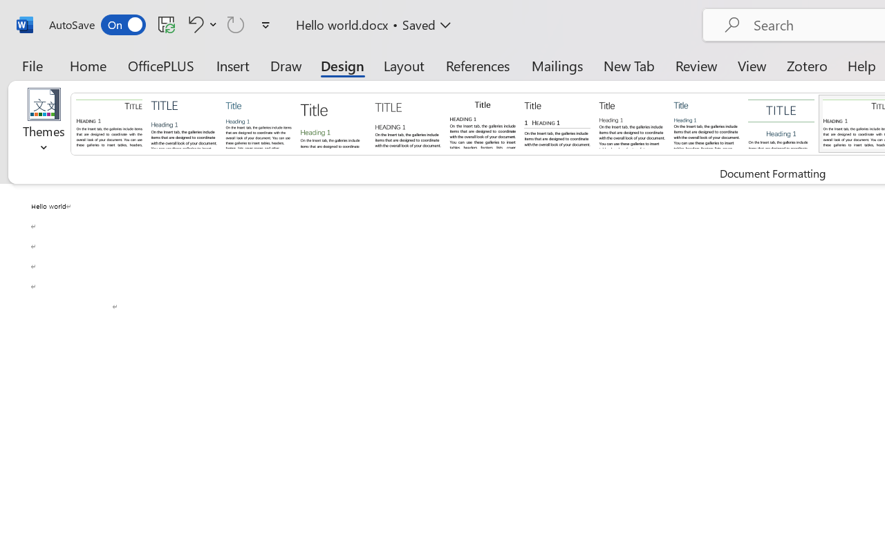 This screenshot has width=885, height=553. I want to click on 'Basic (Stylish)', so click(333, 122).